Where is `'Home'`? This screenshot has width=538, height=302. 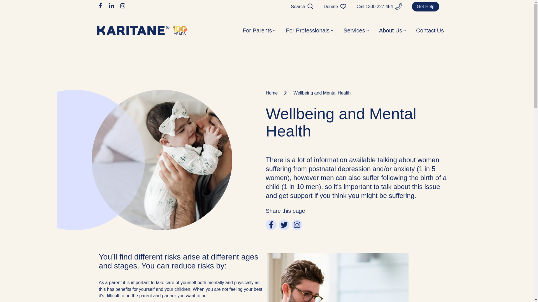
'Home' is located at coordinates (265, 93).